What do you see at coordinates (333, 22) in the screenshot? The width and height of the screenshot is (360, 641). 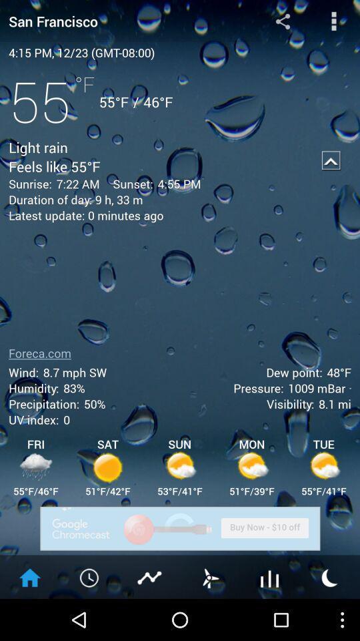 I see `the more icon` at bounding box center [333, 22].